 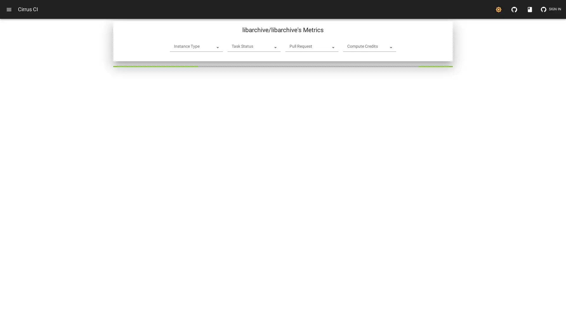 What do you see at coordinates (498, 9) in the screenshot?
I see `Switch to dark theme` at bounding box center [498, 9].